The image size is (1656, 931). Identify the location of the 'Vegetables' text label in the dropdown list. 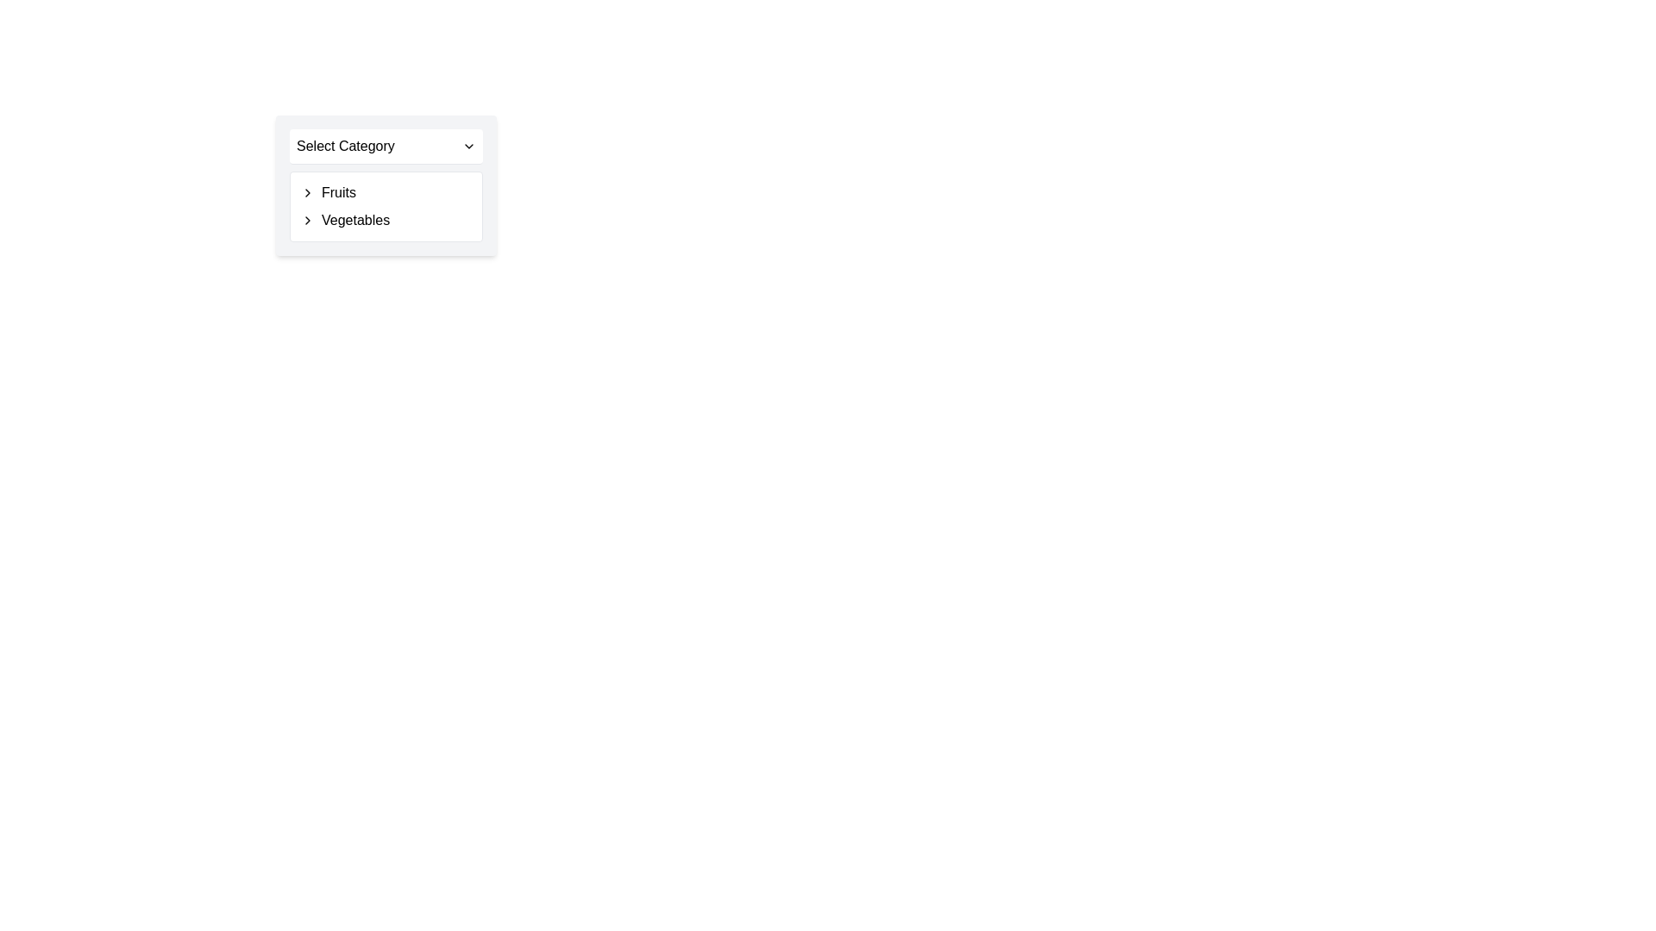
(385, 219).